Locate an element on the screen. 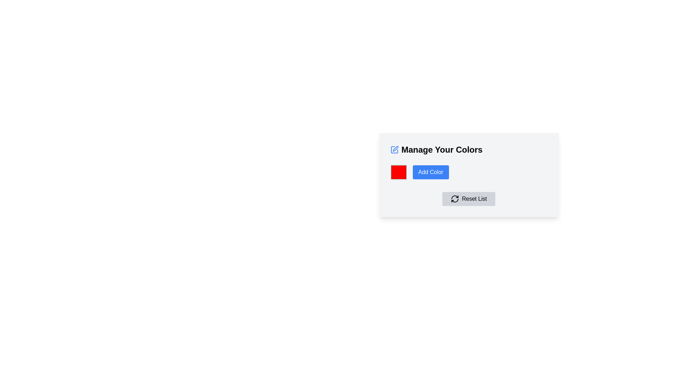 Image resolution: width=674 pixels, height=379 pixels. the circular refresh icon within the 'Reset List' button located at the bottom center of the interface in the 'Manage Your Colors' box is located at coordinates (455, 199).